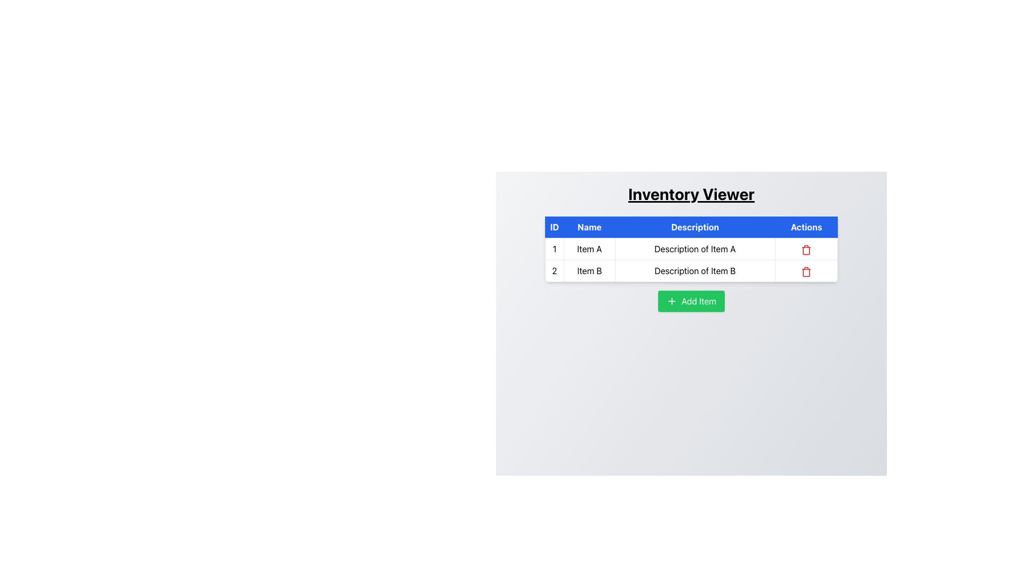 This screenshot has height=576, width=1024. I want to click on the Label element displaying 'Item B', which is located in the second row of the table under the 'Name' column, immediately to the right of the 'ID' column and to the left of the 'Description' column, so click(589, 270).